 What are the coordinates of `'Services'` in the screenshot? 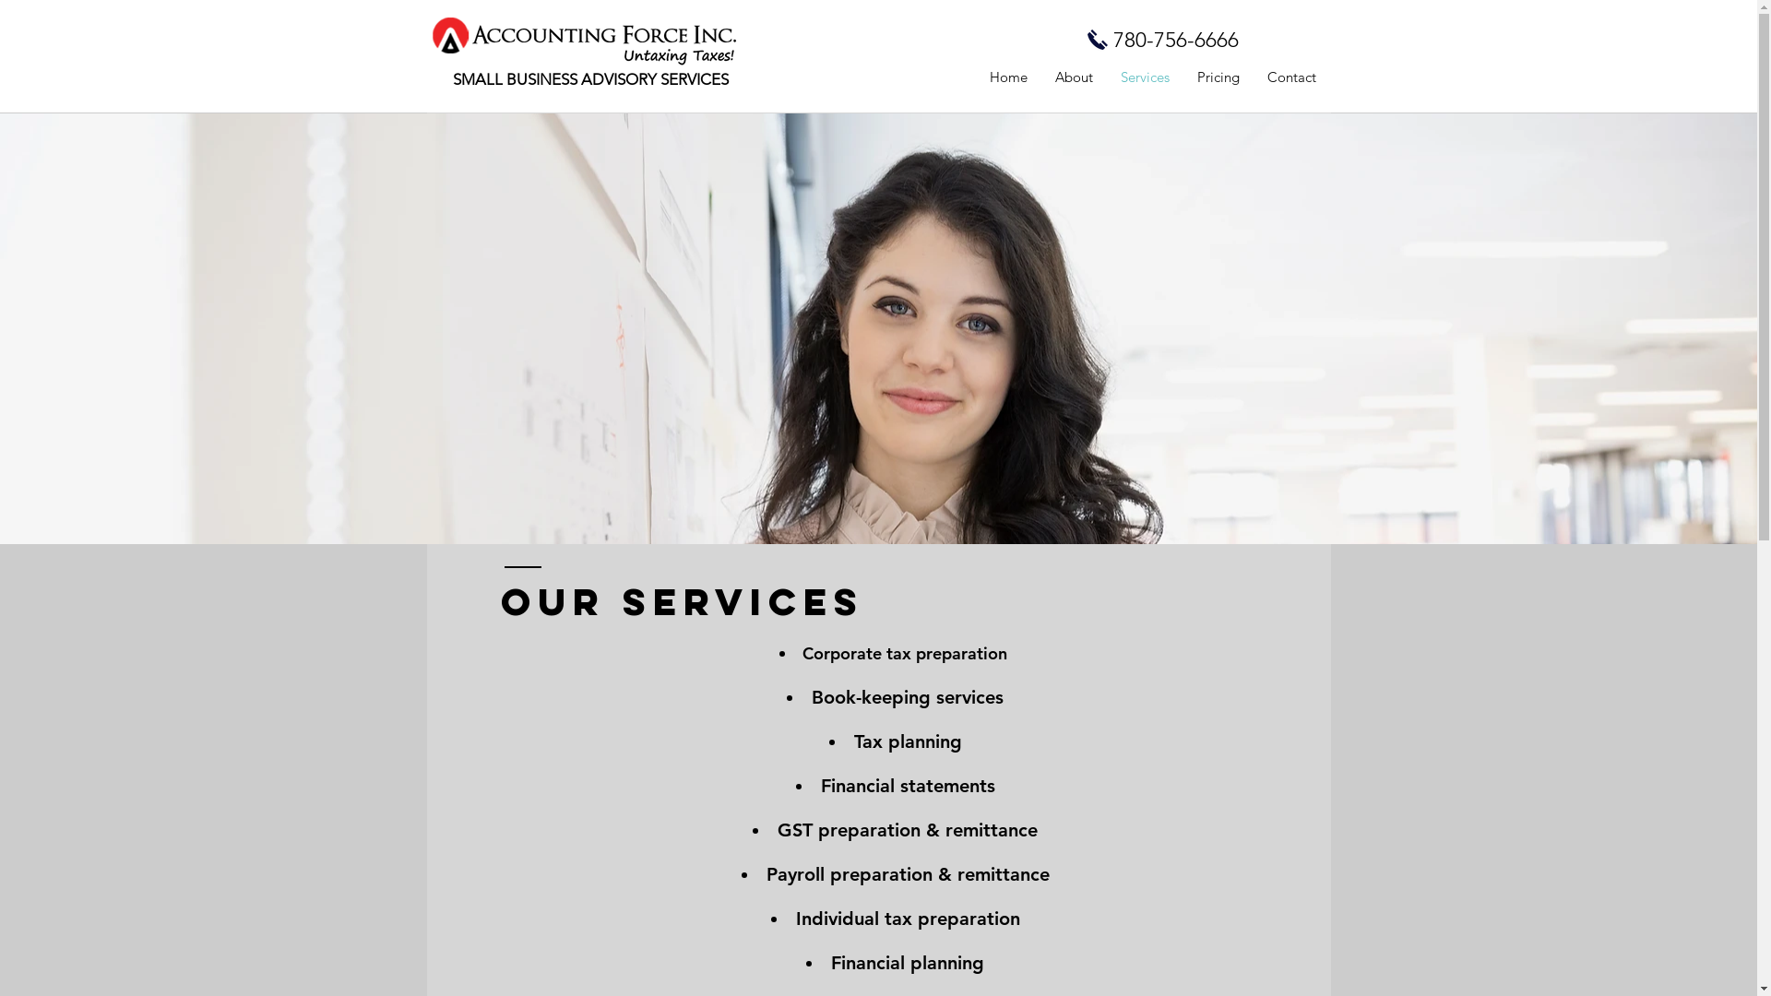 It's located at (1107, 77).